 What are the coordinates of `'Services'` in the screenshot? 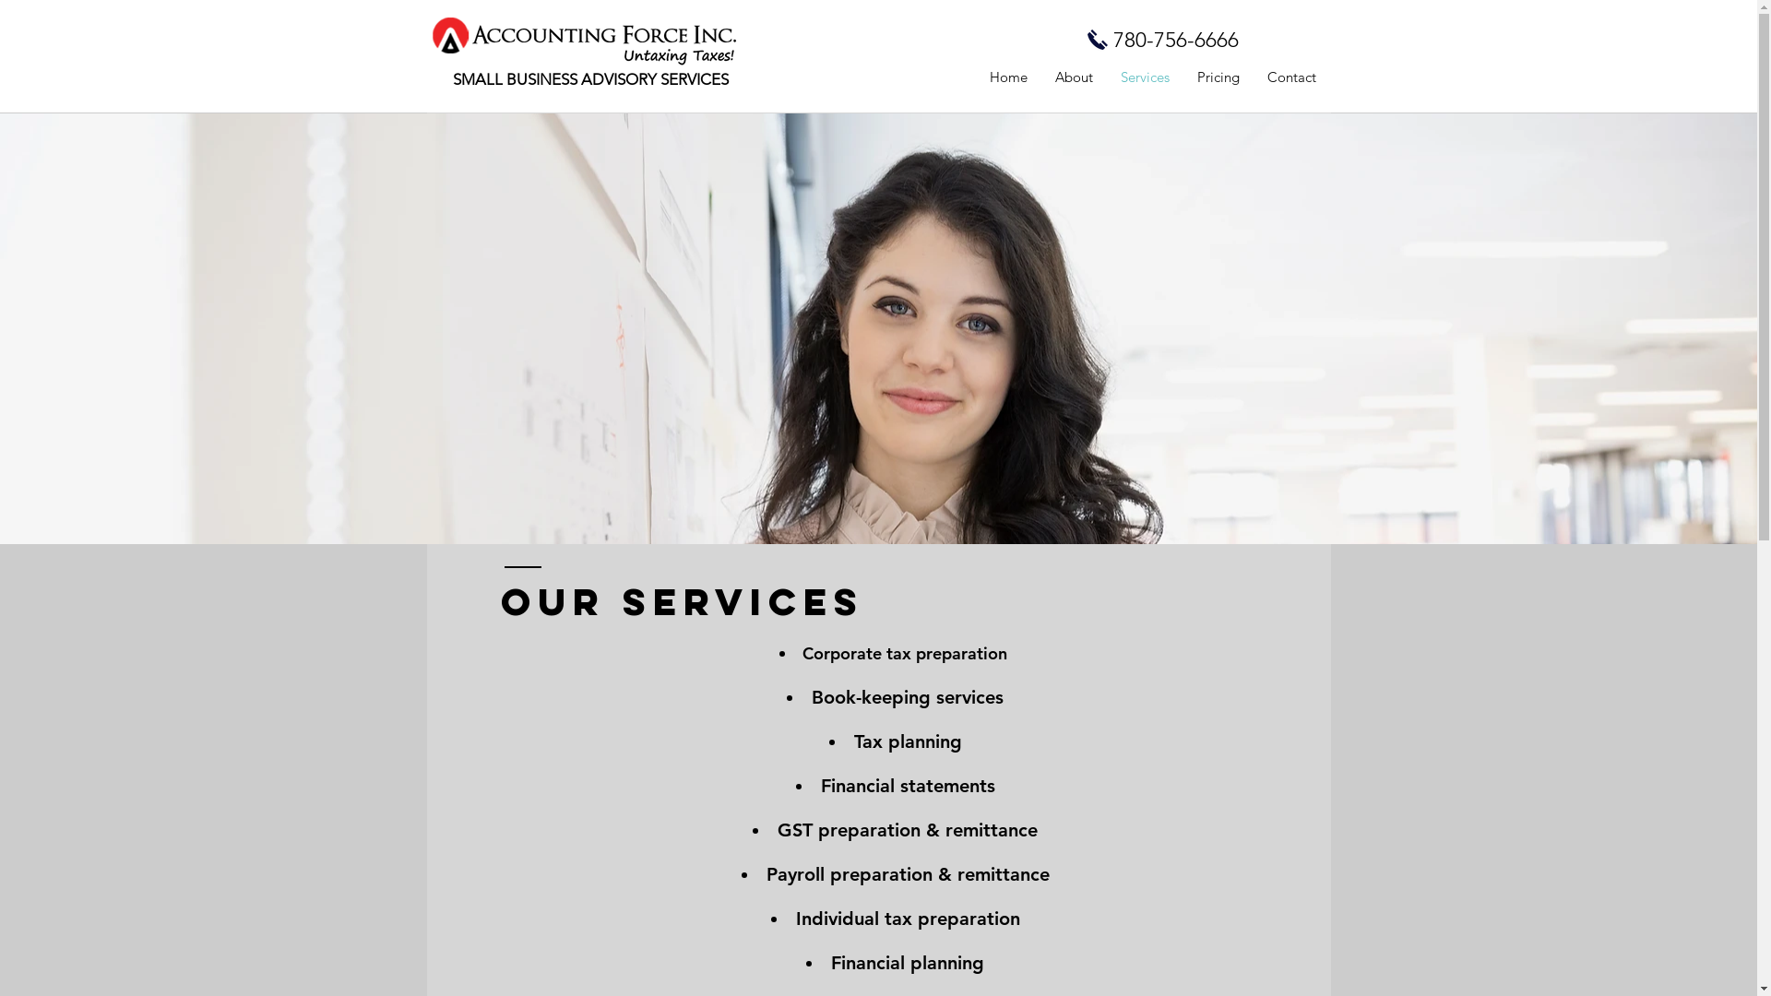 It's located at (1107, 77).